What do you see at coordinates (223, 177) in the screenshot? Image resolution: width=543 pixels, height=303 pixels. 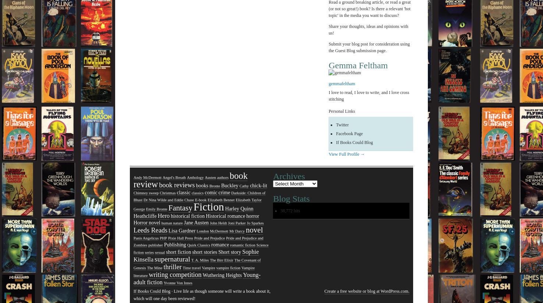 I see `'authors'` at bounding box center [223, 177].